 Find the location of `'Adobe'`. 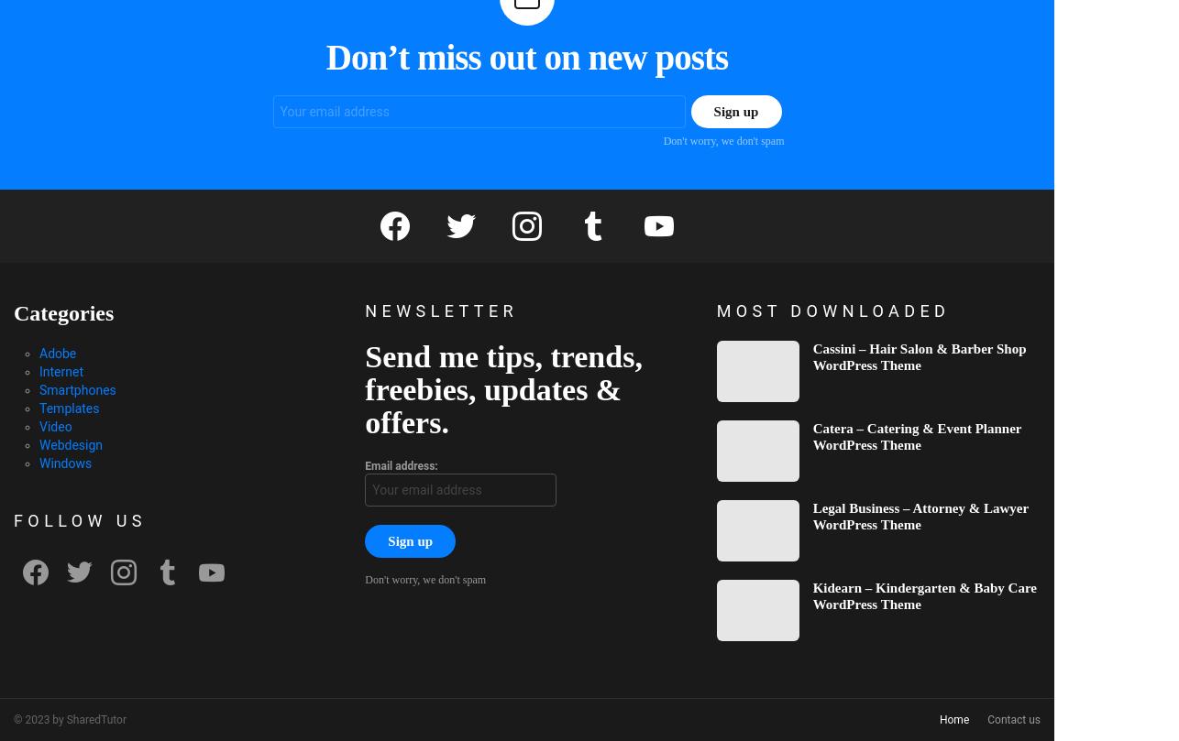

'Adobe' is located at coordinates (39, 353).